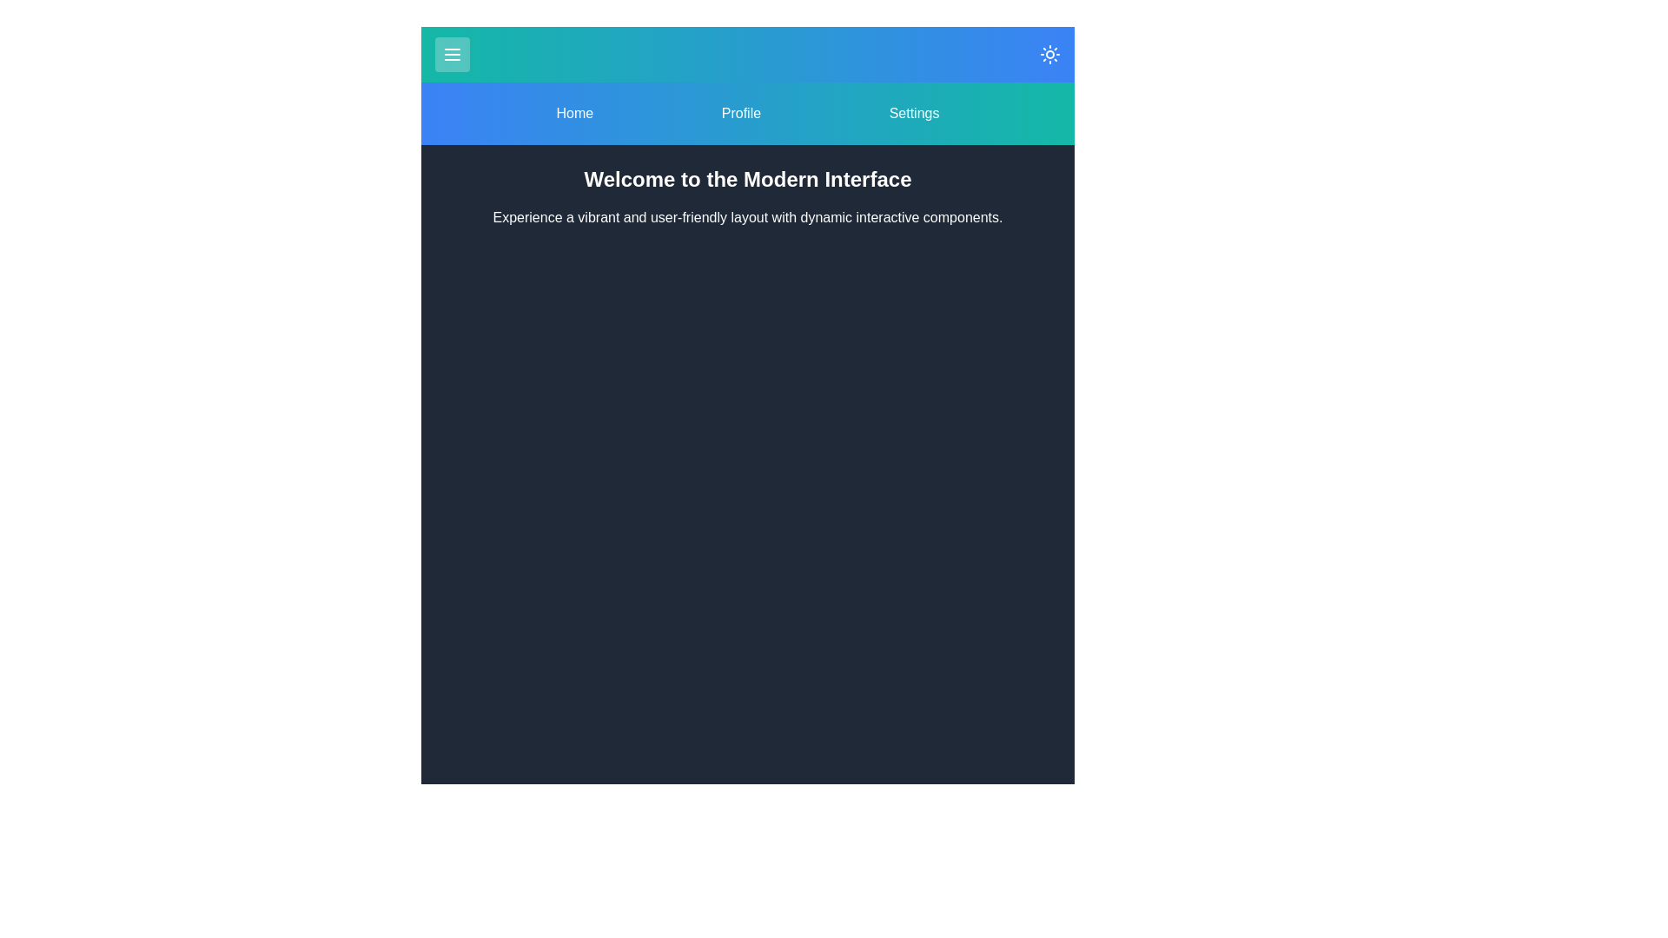 This screenshot has width=1668, height=938. What do you see at coordinates (912, 114) in the screenshot?
I see `the 'Settings' button to navigate to the Settings section` at bounding box center [912, 114].